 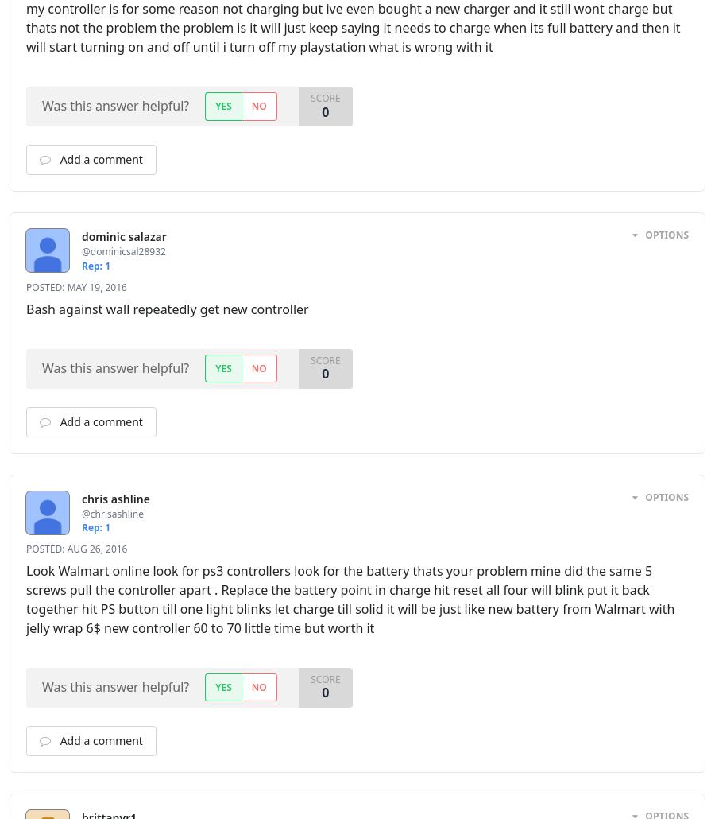 What do you see at coordinates (80, 512) in the screenshot?
I see `'@chrisashline'` at bounding box center [80, 512].